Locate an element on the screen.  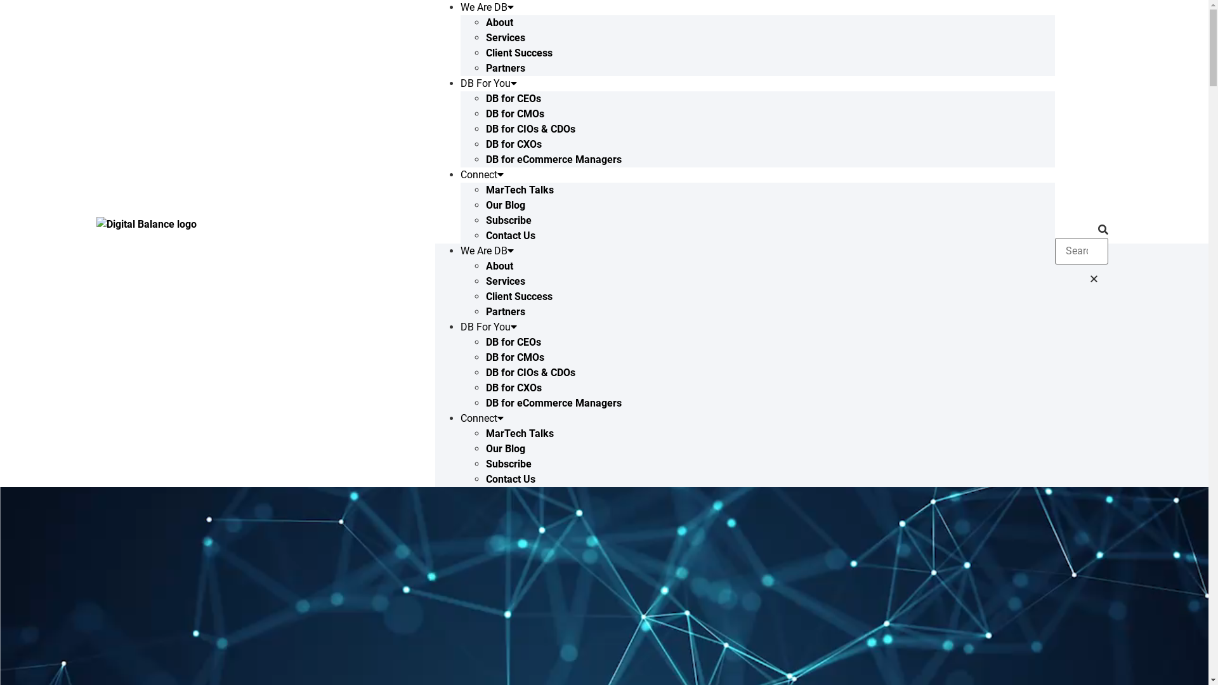
'About' is located at coordinates (499, 265).